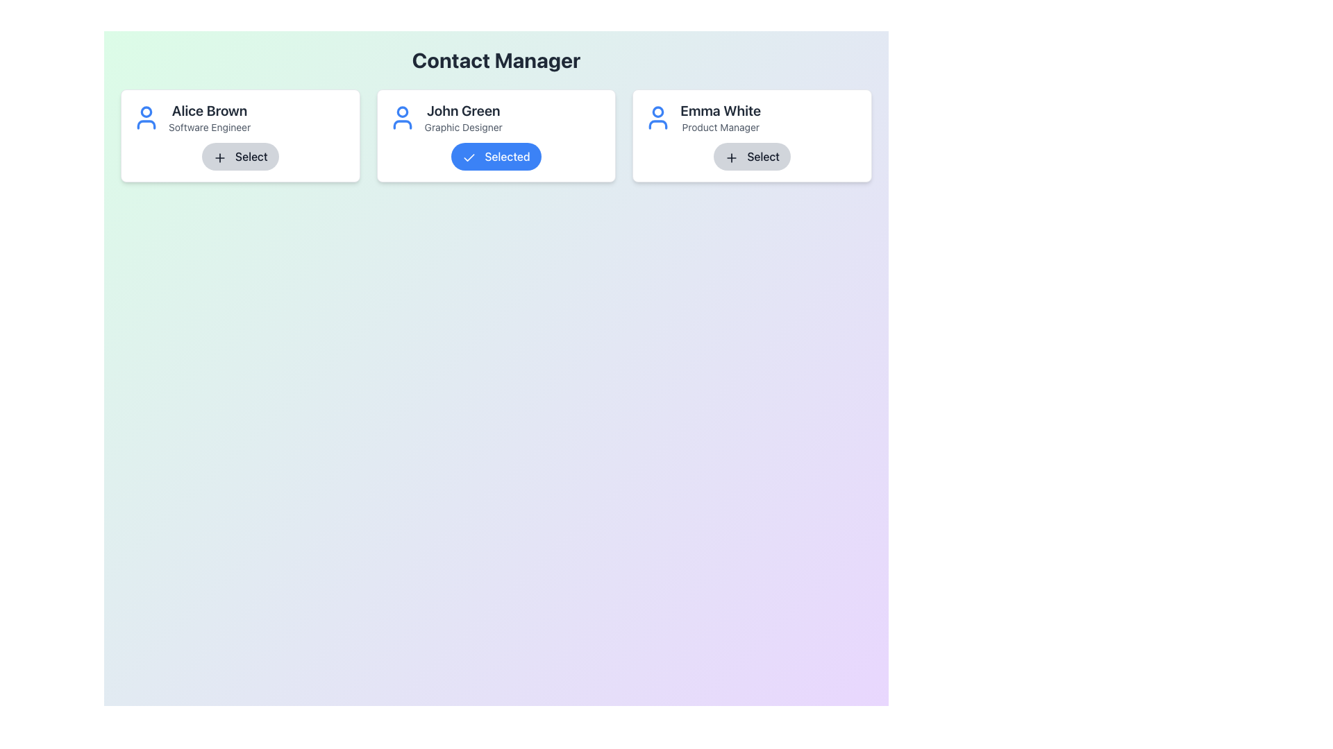  I want to click on the contact's name and role representation in the center card under the 'Contact Manager' heading, so click(496, 117).